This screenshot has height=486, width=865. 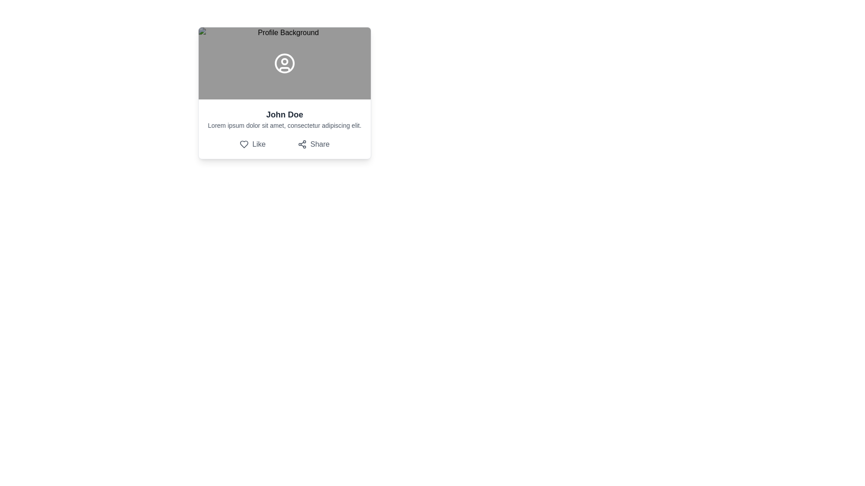 What do you see at coordinates (244, 144) in the screenshot?
I see `the black heart-shaped icon with a smooth, rounded appearance, located to the left of the 'Like' text in the horizontal row` at bounding box center [244, 144].